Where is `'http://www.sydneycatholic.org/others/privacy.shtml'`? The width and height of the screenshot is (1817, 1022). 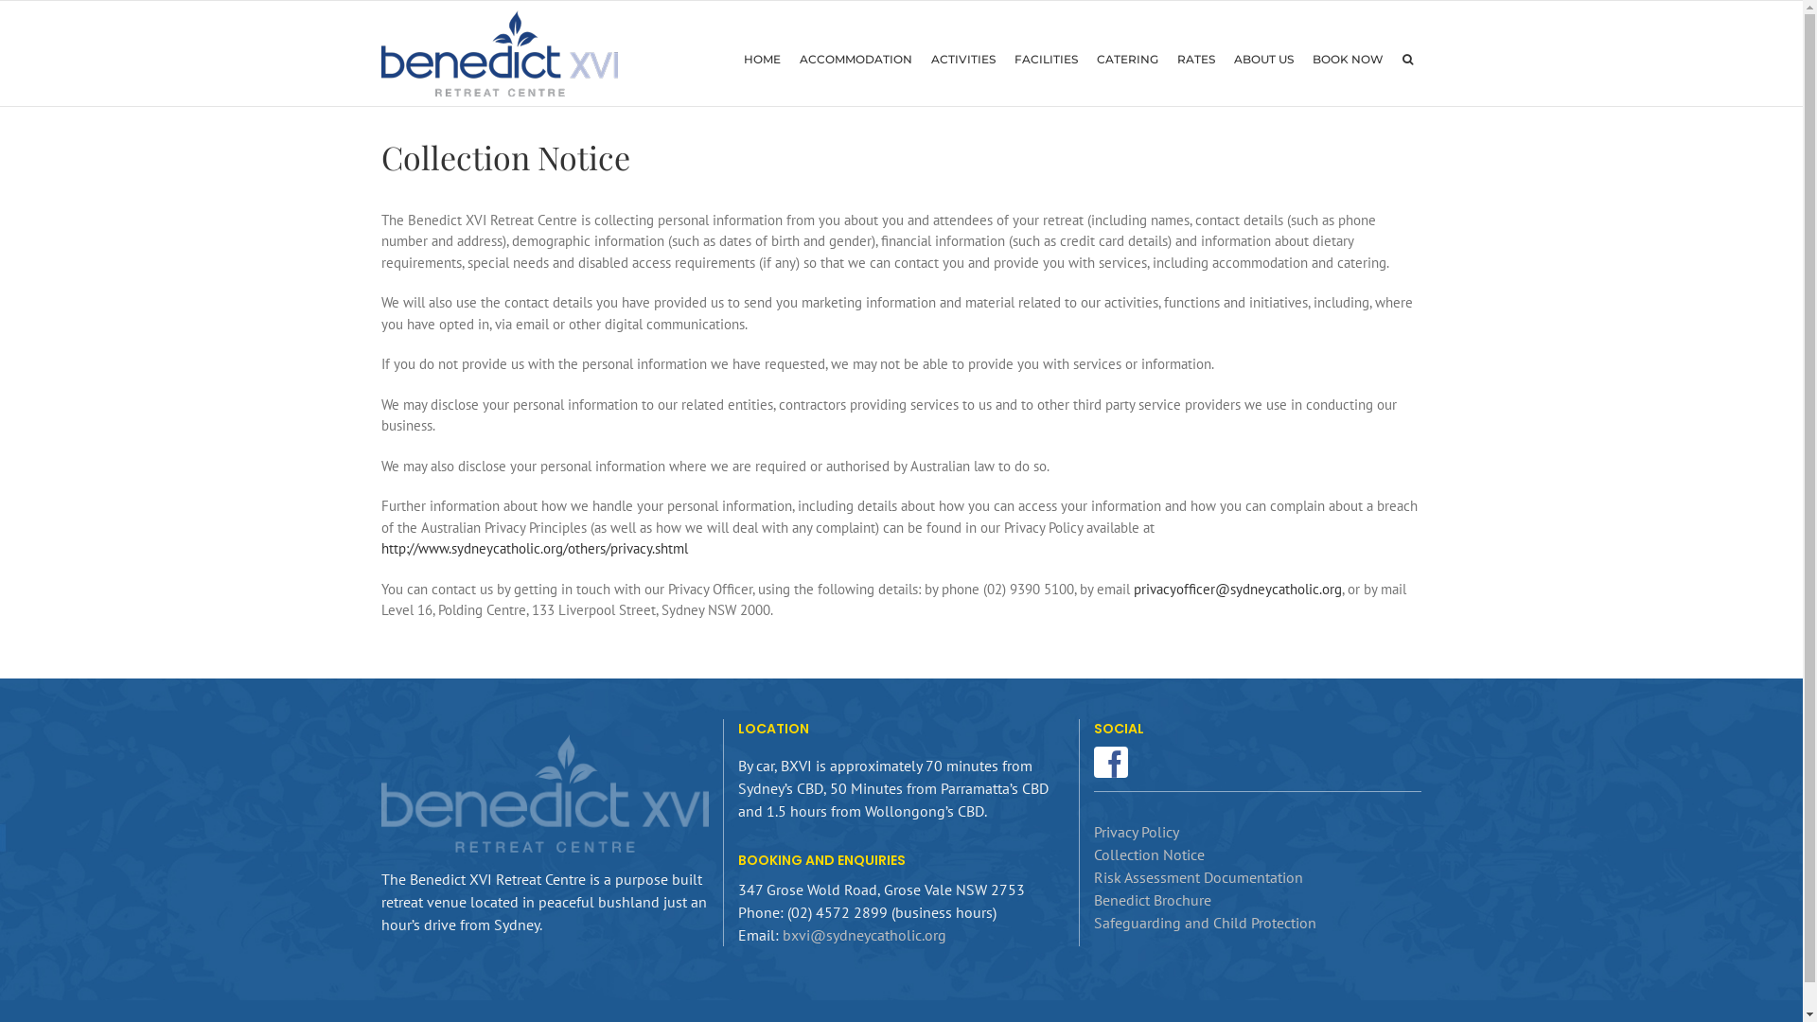
'http://www.sydneycatholic.org/others/privacy.shtml' is located at coordinates (533, 548).